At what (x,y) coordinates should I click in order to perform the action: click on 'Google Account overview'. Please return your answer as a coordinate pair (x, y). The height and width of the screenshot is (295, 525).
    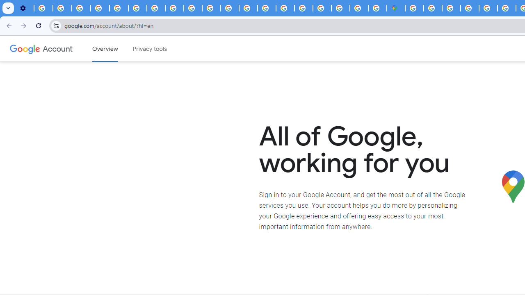
    Looking at the image, I should click on (105, 49).